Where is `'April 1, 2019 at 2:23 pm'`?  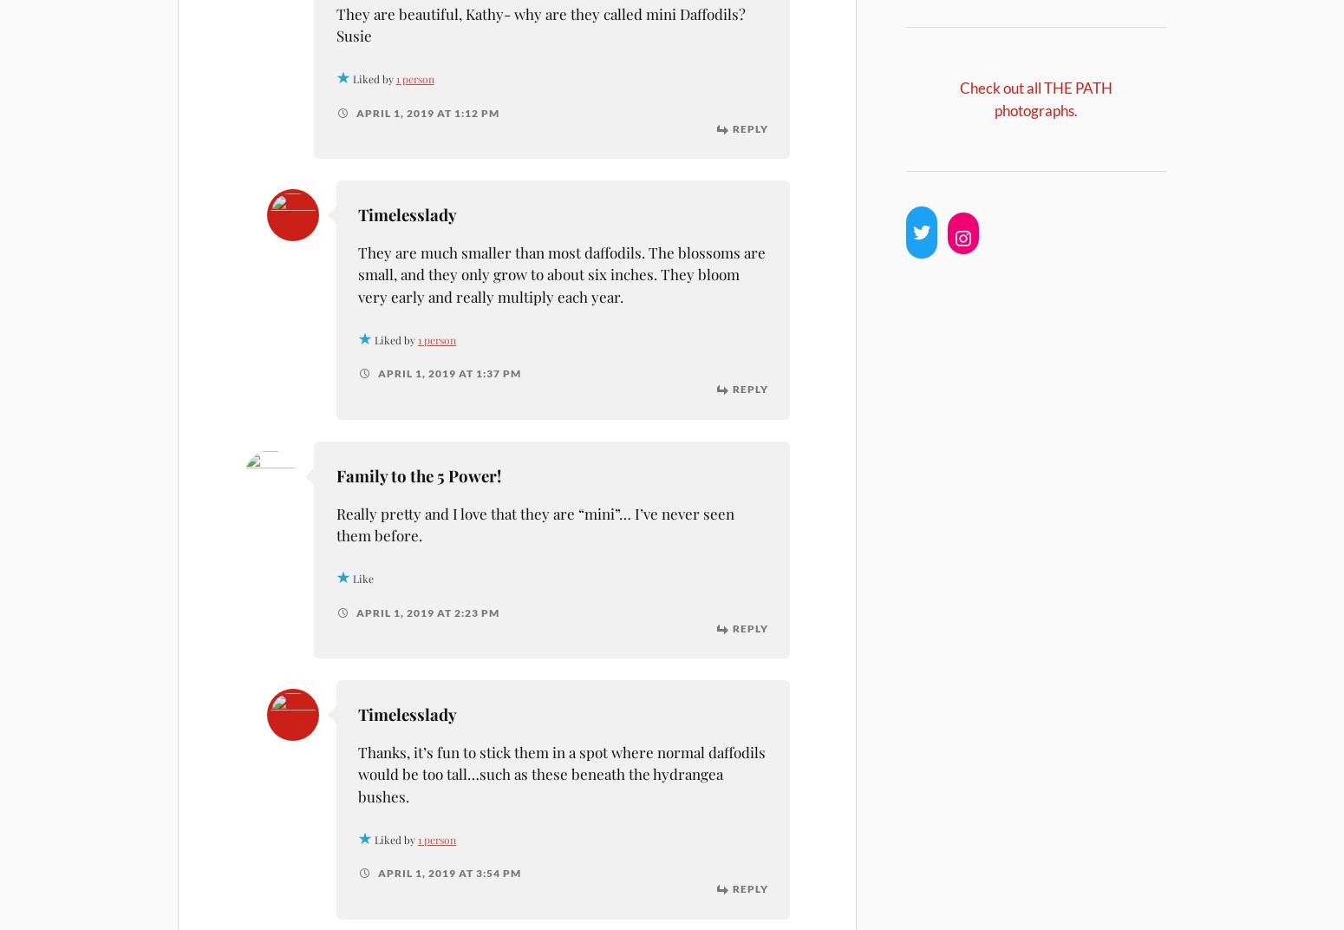 'April 1, 2019 at 2:23 pm' is located at coordinates (353, 611).